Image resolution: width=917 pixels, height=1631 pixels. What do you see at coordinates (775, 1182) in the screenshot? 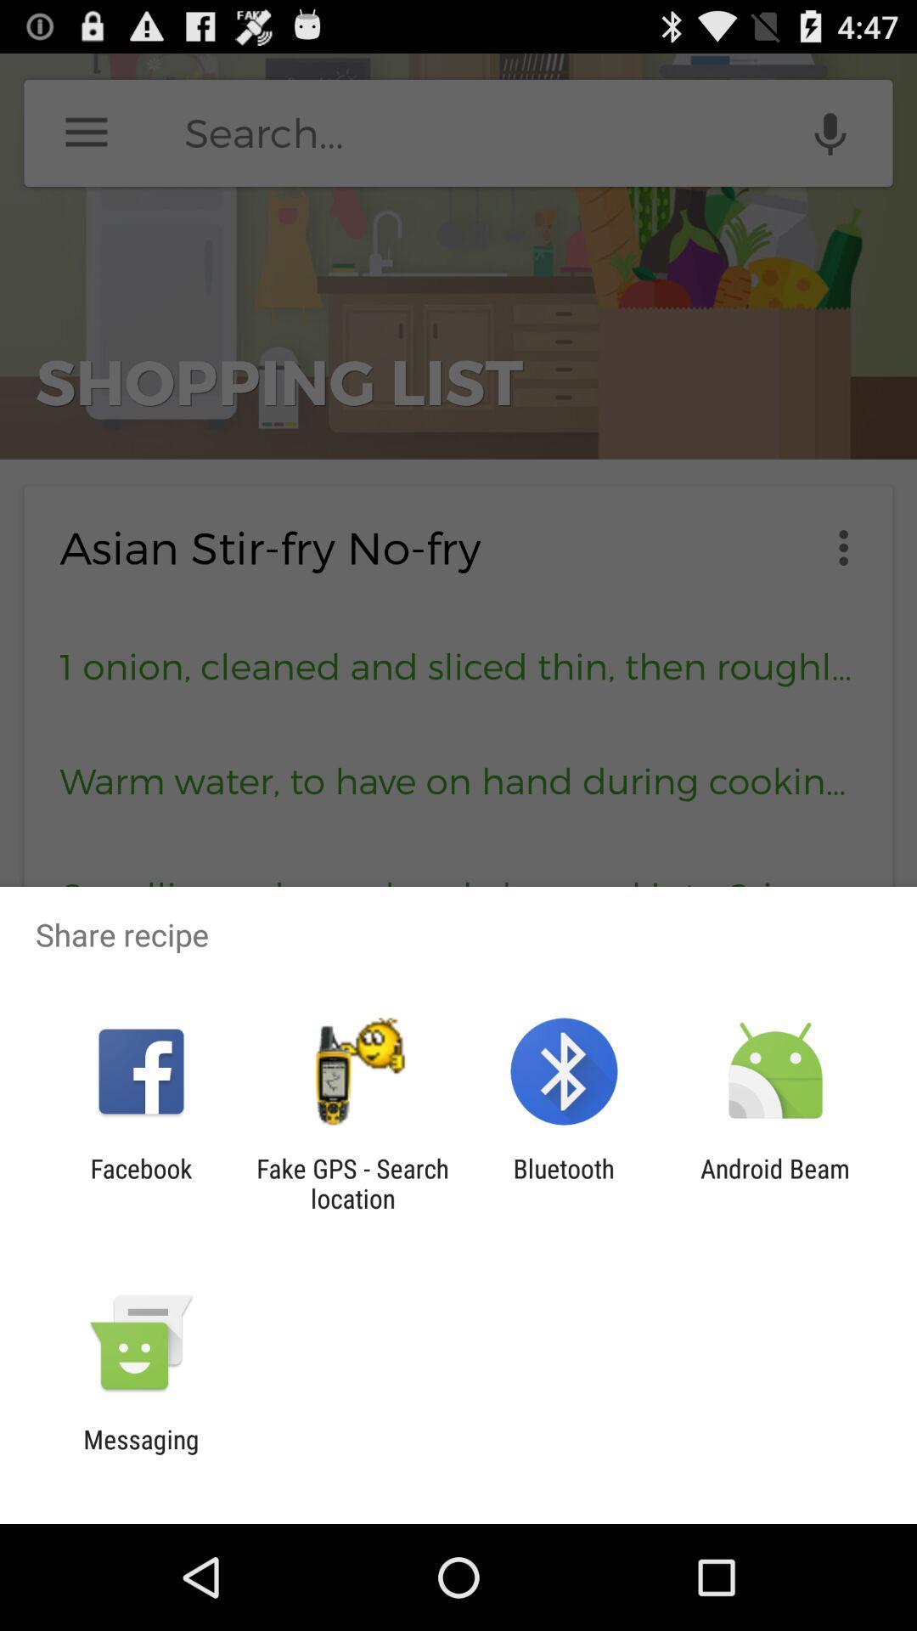
I see `the android beam item` at bounding box center [775, 1182].